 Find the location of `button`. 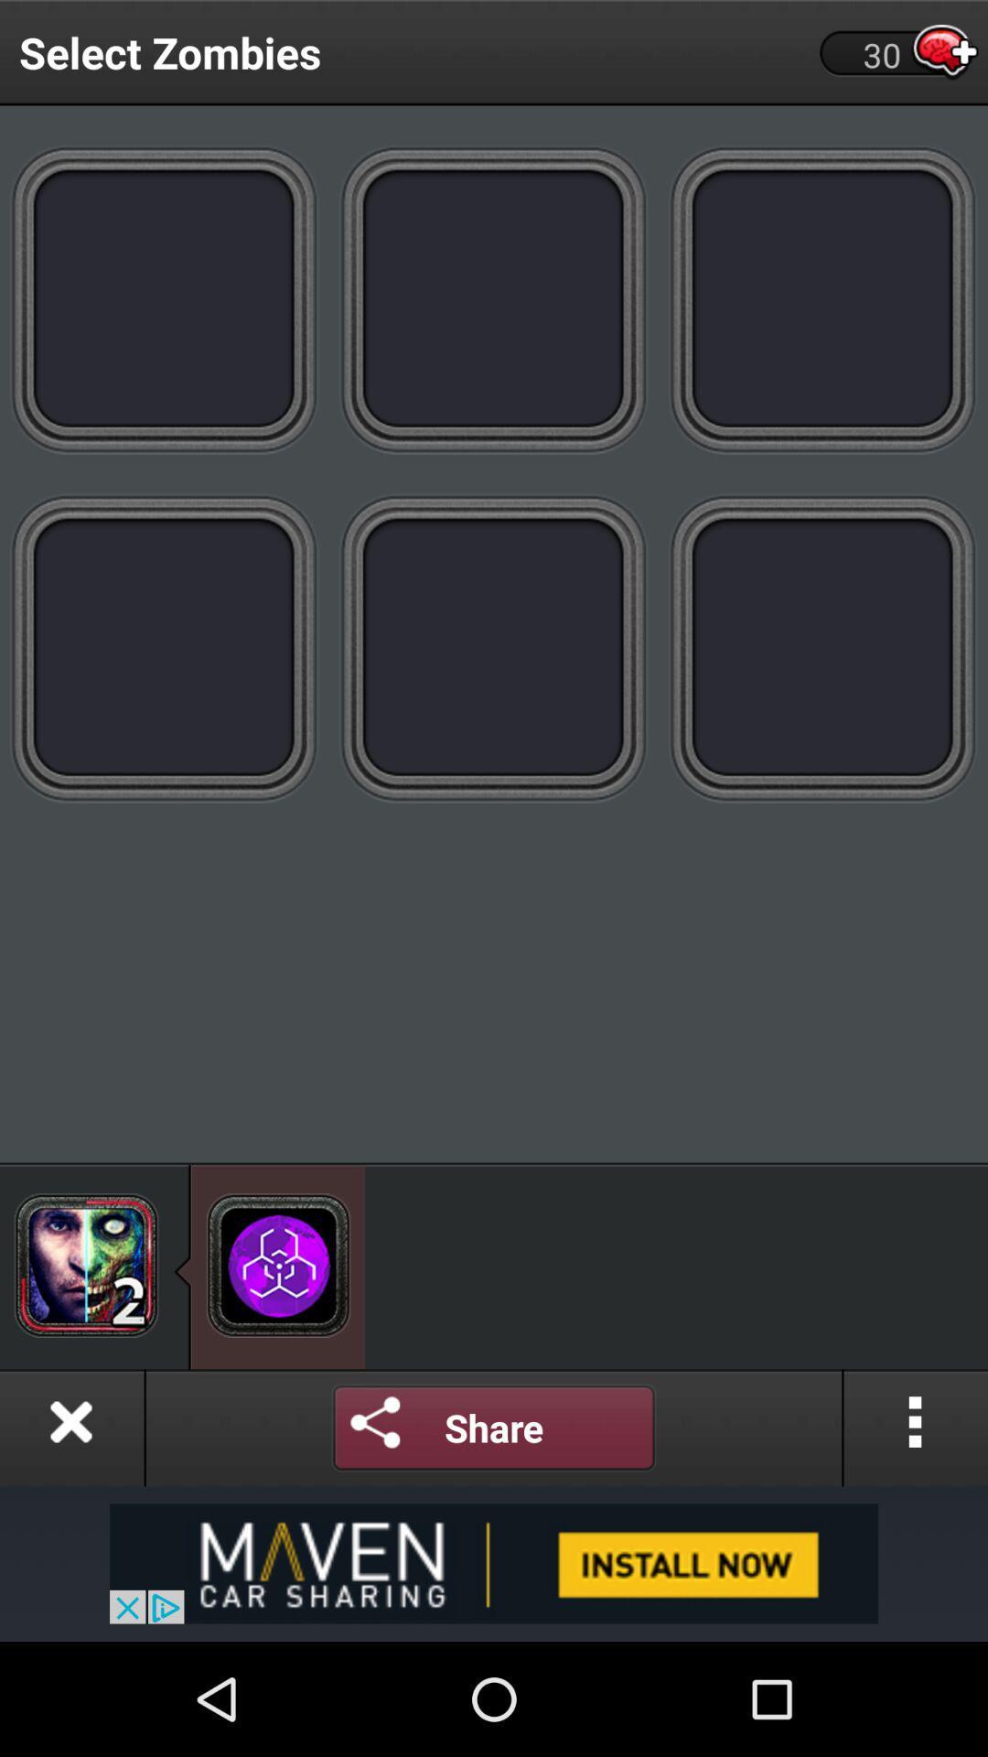

button is located at coordinates (70, 1427).